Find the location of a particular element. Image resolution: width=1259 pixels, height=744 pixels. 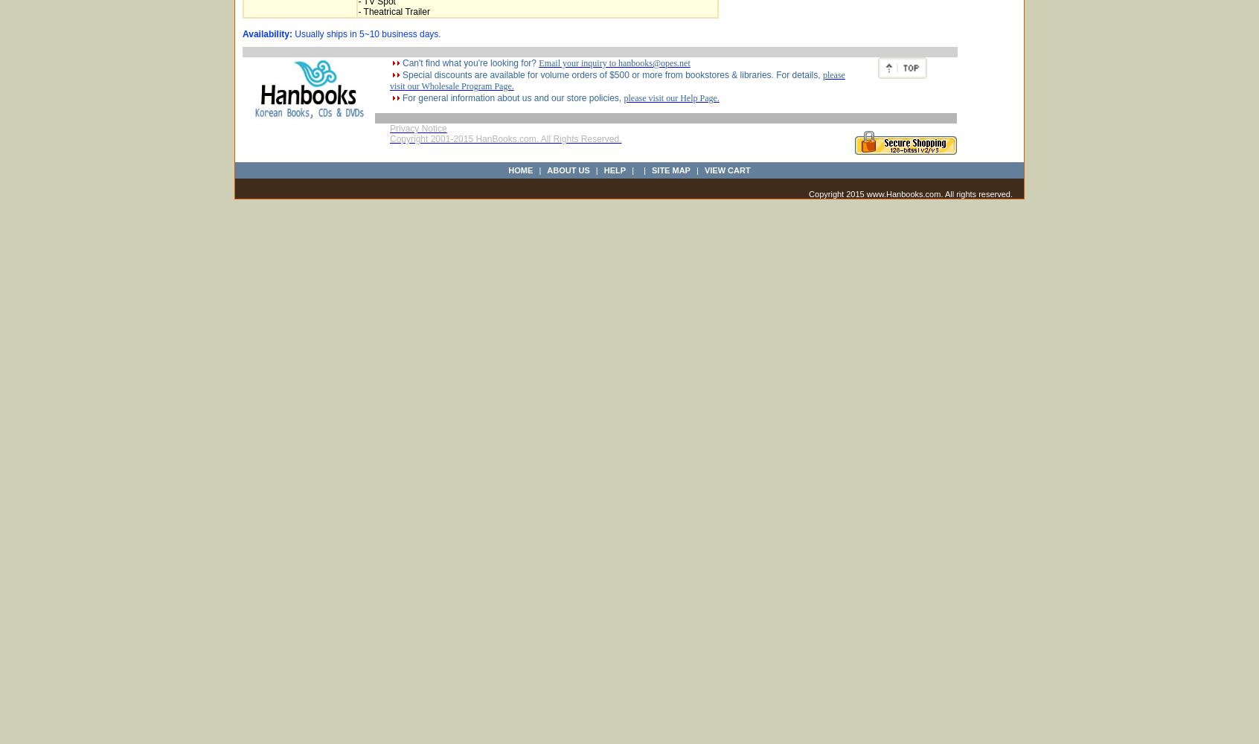

'Privacy Notice' is located at coordinates (418, 129).